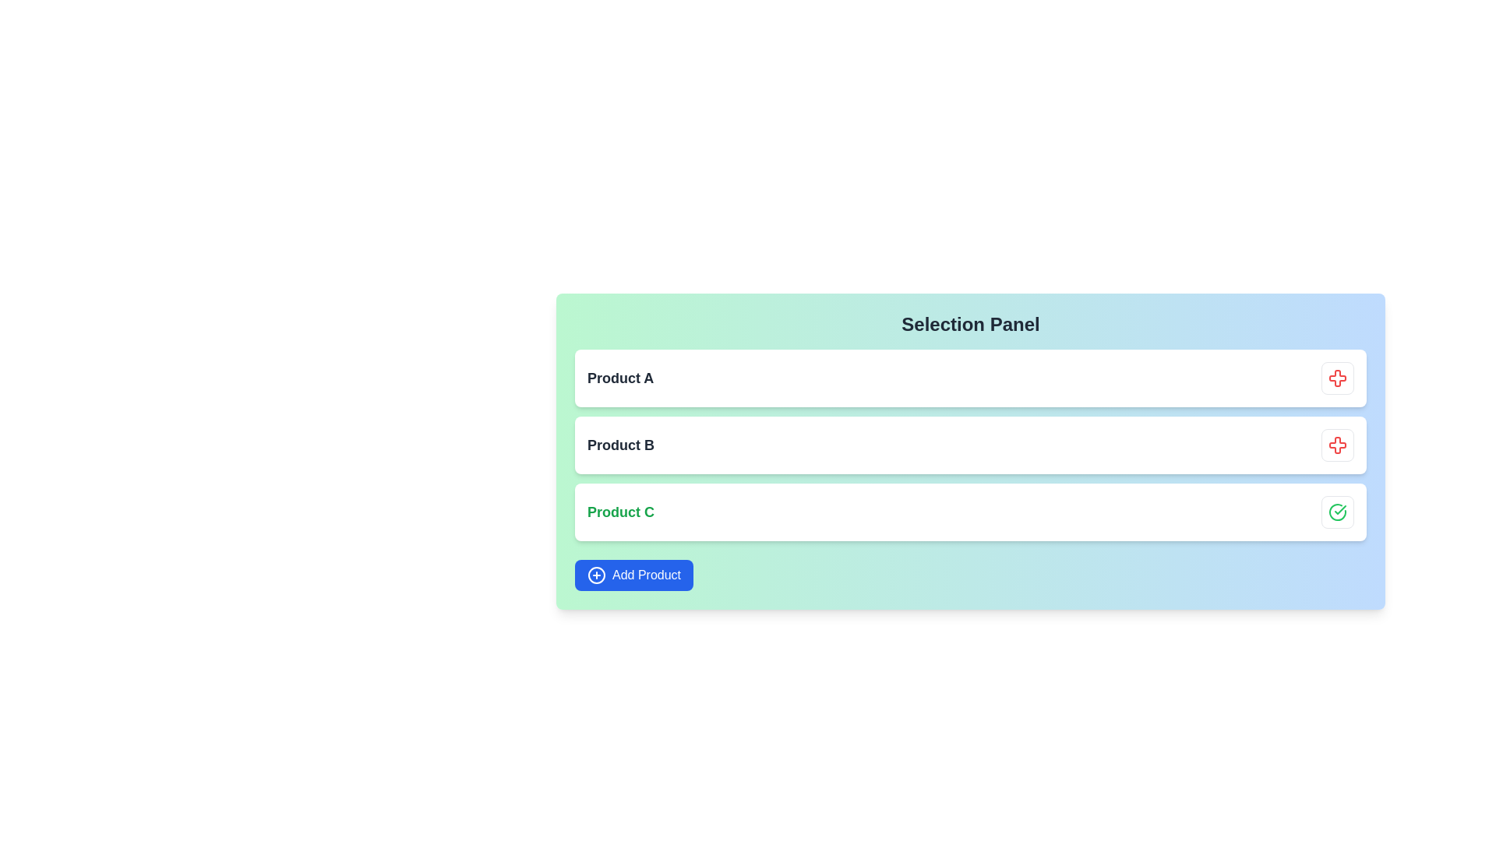  I want to click on the Text Label displaying 'Product C' in a green bold font, located in the third row of the list-like structure, so click(619, 512).